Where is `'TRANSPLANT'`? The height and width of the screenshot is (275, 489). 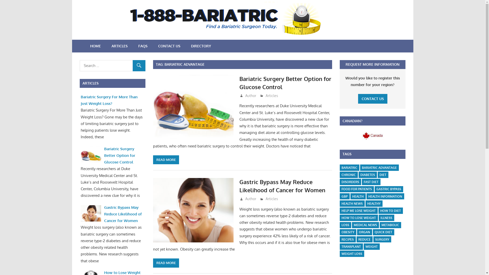
'TRANSPLANT' is located at coordinates (351, 246).